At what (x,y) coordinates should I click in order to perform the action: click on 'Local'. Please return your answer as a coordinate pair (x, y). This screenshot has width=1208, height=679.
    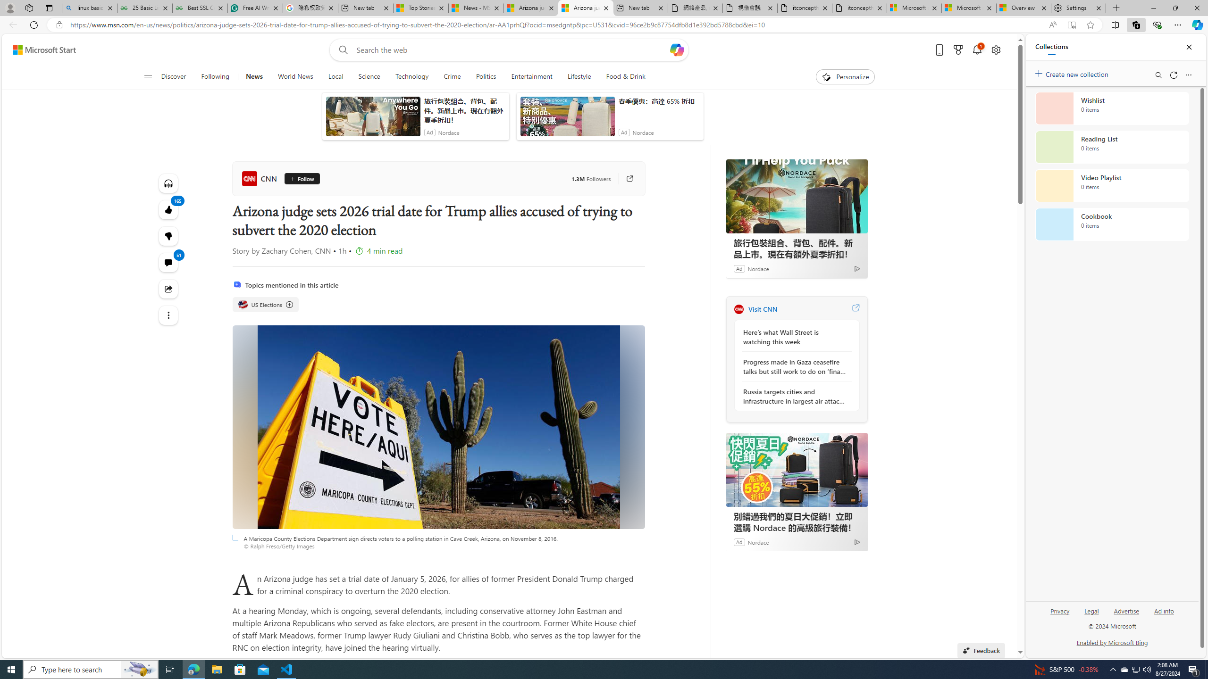
    Looking at the image, I should click on (335, 76).